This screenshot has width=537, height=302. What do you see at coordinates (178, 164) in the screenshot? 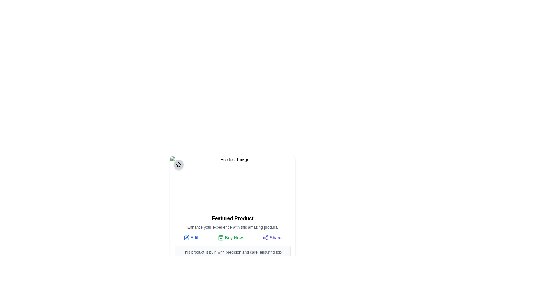
I see `the star icon that indicates a star rating, located at the top-center of the interface's content` at bounding box center [178, 164].